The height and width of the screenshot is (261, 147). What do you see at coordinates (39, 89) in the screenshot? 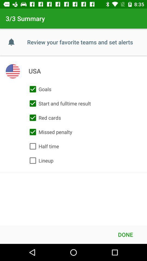
I see `goals` at bounding box center [39, 89].